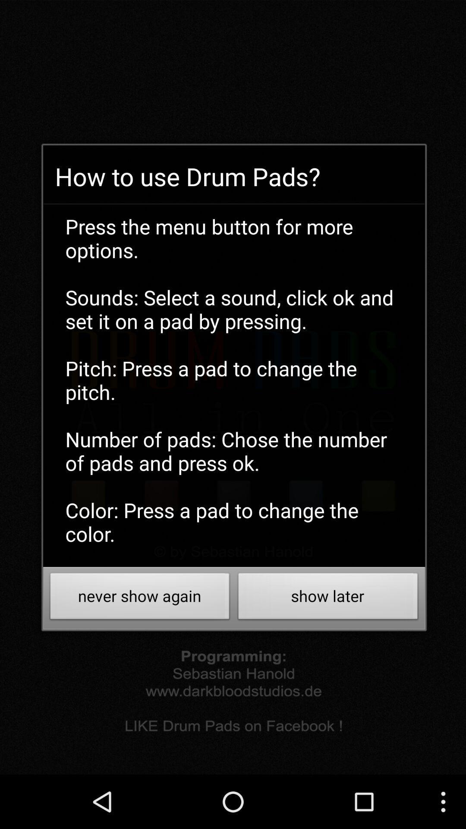 This screenshot has height=829, width=466. Describe the element at coordinates (139, 598) in the screenshot. I see `the item below the press the menu item` at that location.